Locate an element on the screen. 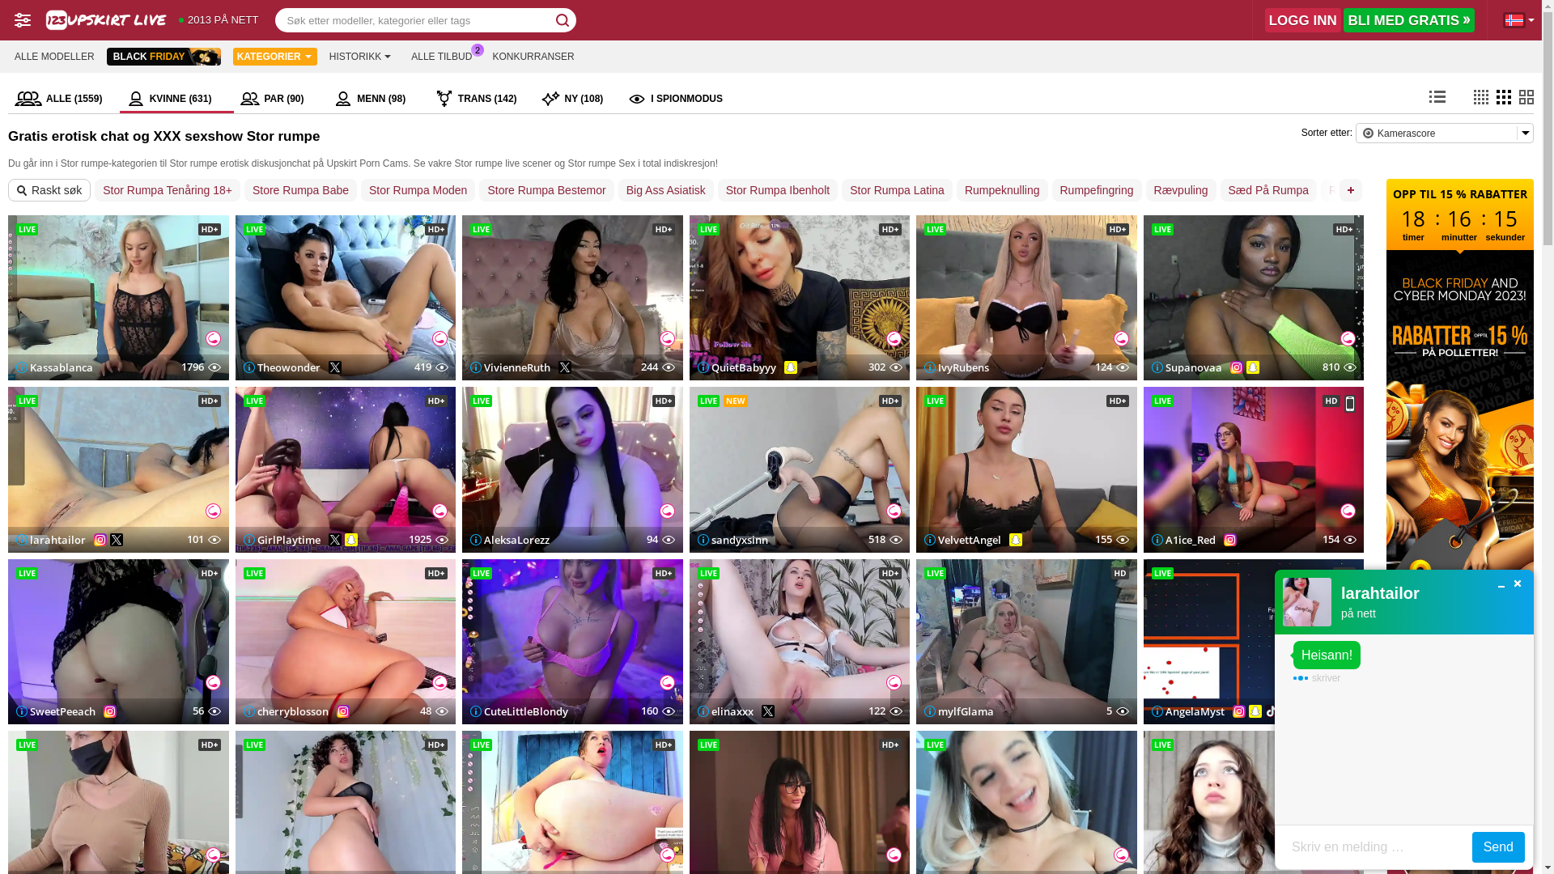  'MENN (98)' is located at coordinates (376, 99).